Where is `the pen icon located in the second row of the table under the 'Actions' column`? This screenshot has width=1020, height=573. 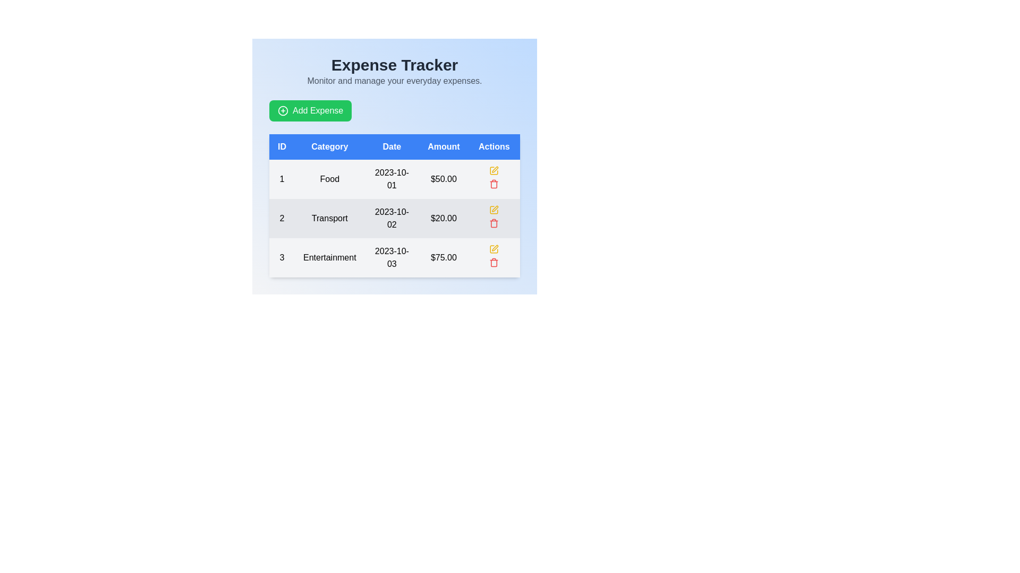
the pen icon located in the second row of the table under the 'Actions' column is located at coordinates (495, 169).